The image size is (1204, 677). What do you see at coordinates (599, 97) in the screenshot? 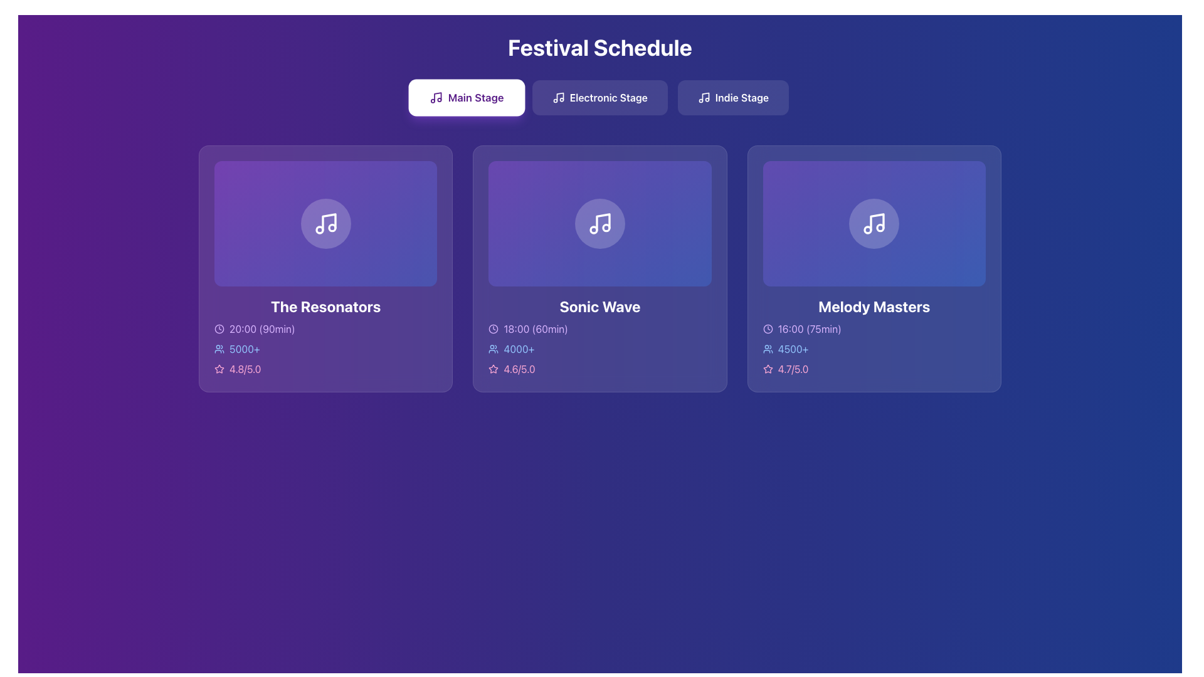
I see `the middle button under the 'Festival Schedule' heading` at bounding box center [599, 97].